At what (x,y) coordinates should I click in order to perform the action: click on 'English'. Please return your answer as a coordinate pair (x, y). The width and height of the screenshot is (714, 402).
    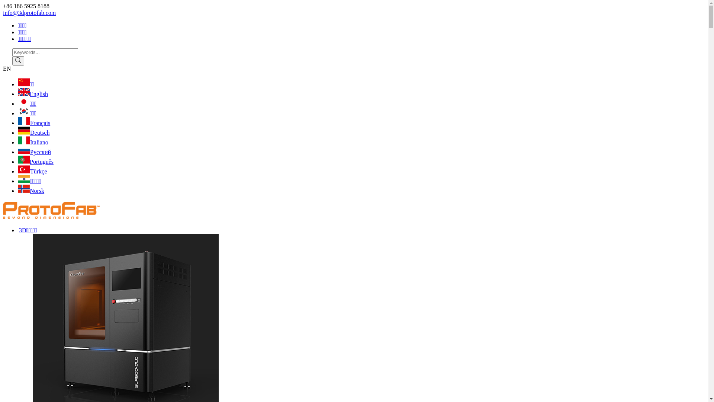
    Looking at the image, I should click on (32, 93).